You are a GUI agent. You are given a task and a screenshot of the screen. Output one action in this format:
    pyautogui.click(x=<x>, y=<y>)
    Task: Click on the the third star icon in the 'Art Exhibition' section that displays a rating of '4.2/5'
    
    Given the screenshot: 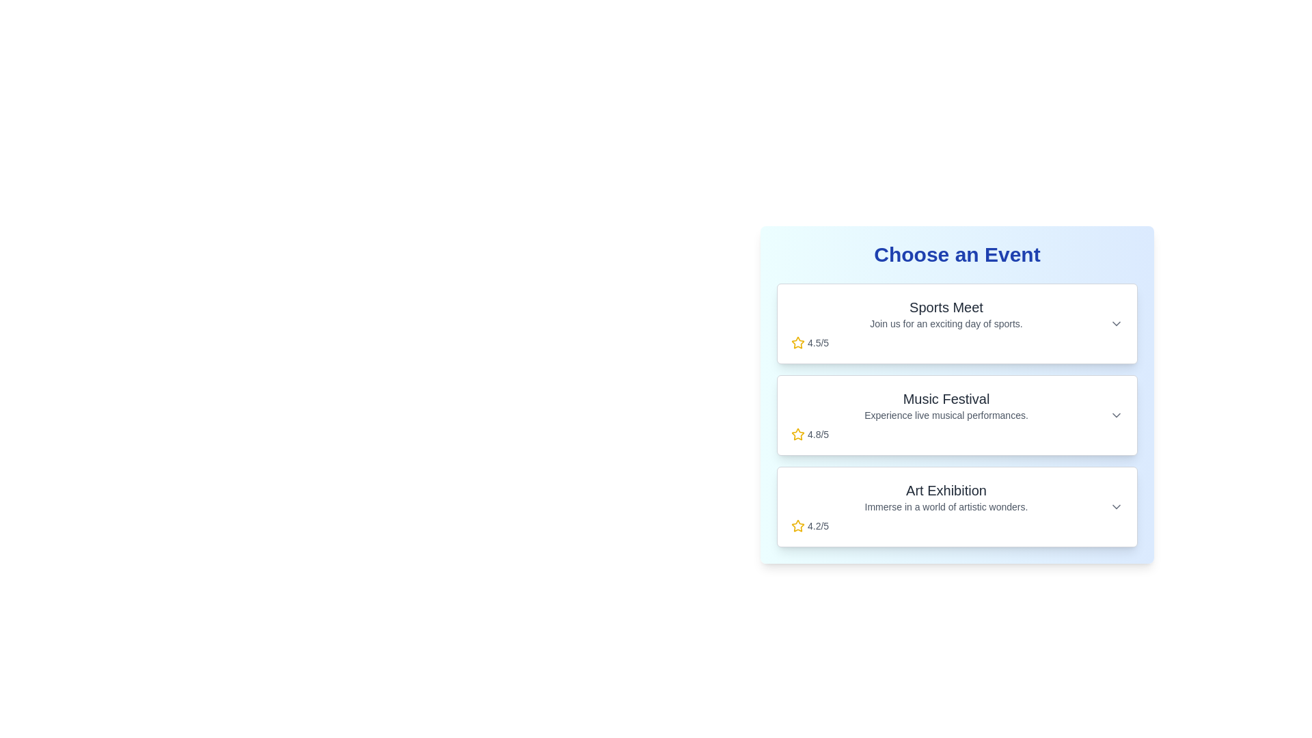 What is the action you would take?
    pyautogui.click(x=797, y=525)
    